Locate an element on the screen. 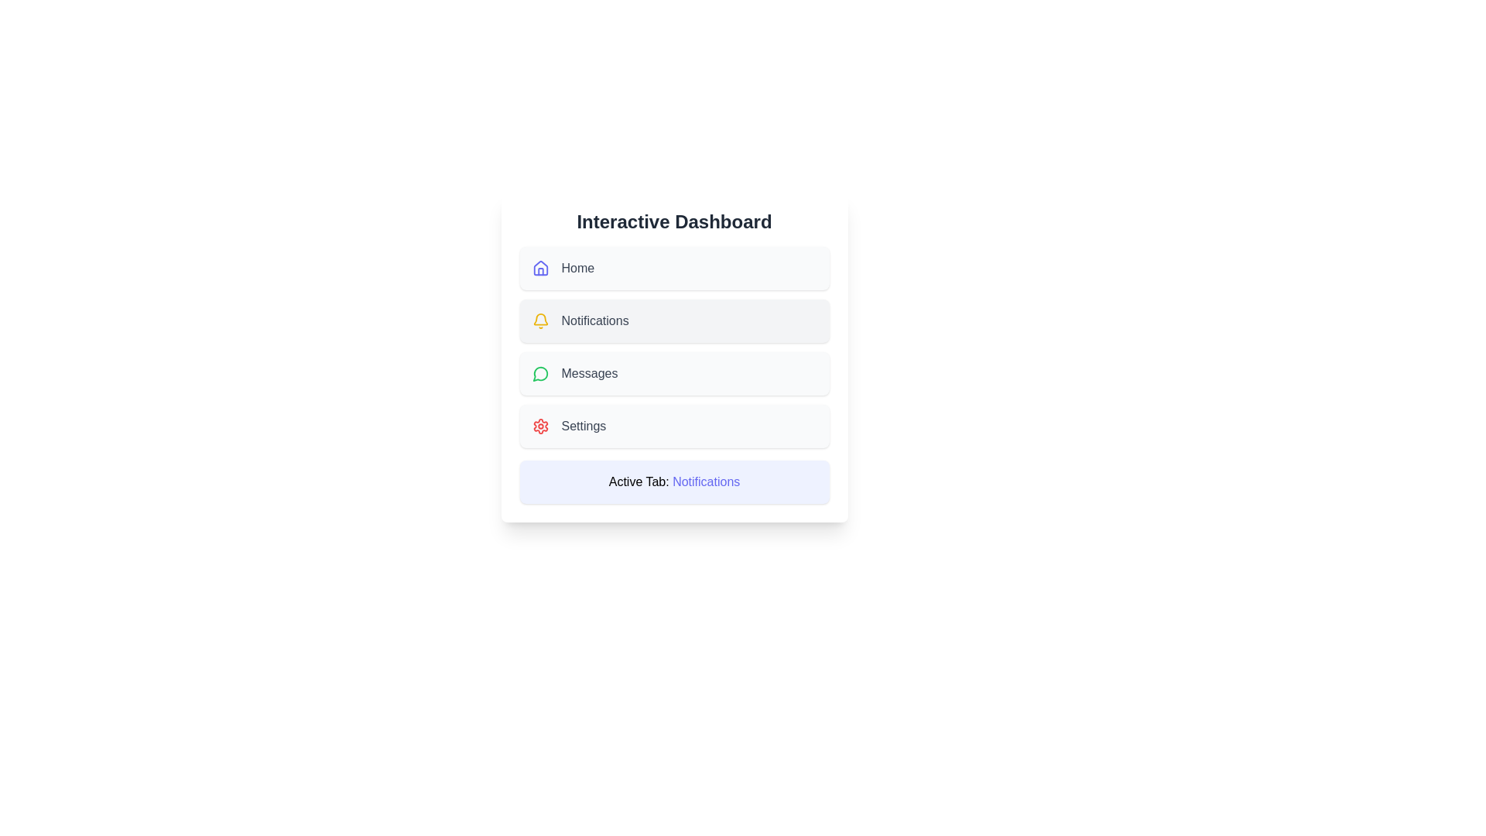  the button corresponding to Home to select it is located at coordinates (674, 268).